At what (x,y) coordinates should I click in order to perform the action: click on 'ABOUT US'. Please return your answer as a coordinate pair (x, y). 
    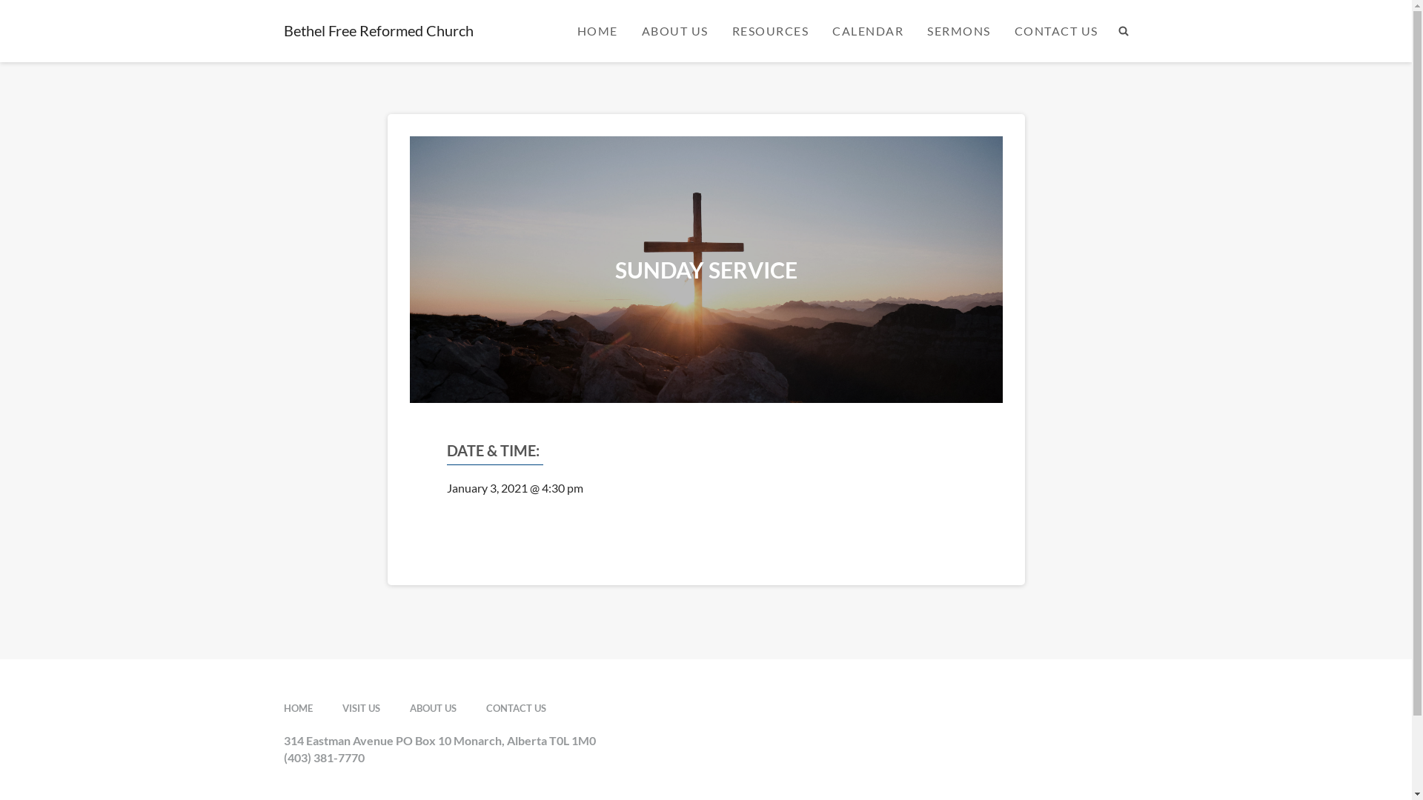
    Looking at the image, I should click on (674, 31).